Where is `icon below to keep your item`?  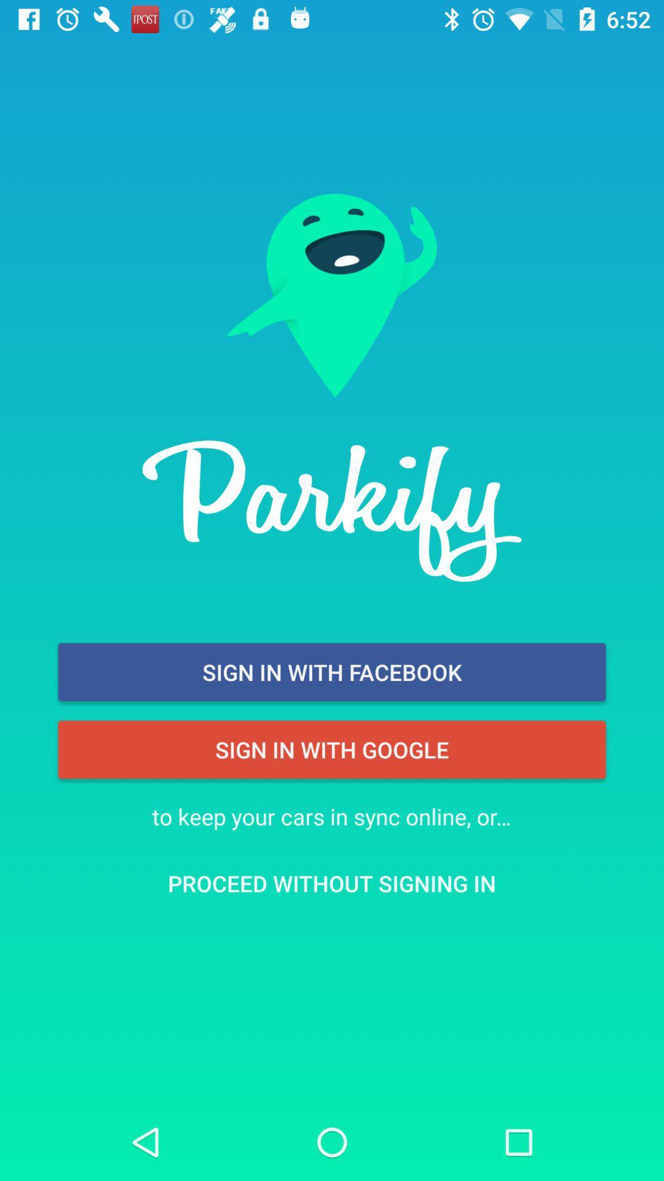 icon below to keep your item is located at coordinates (332, 883).